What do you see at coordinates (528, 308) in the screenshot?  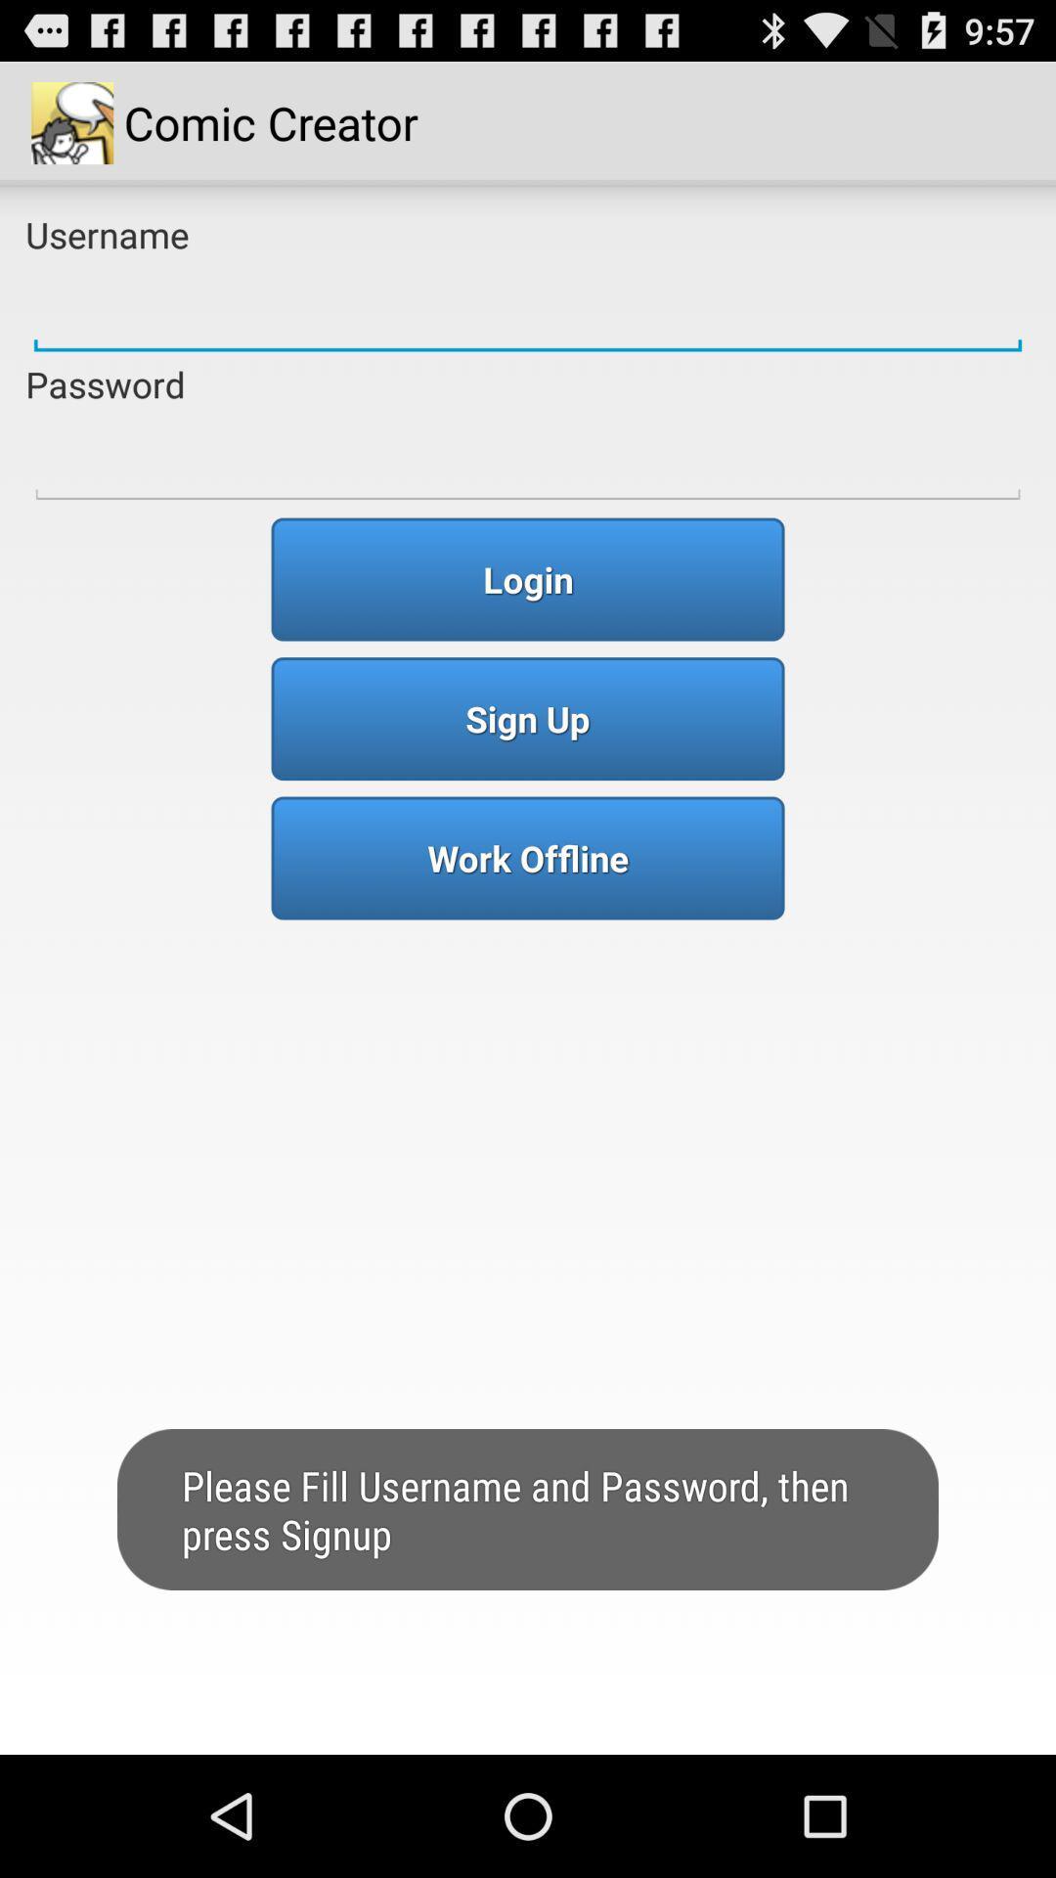 I see `input the username` at bounding box center [528, 308].